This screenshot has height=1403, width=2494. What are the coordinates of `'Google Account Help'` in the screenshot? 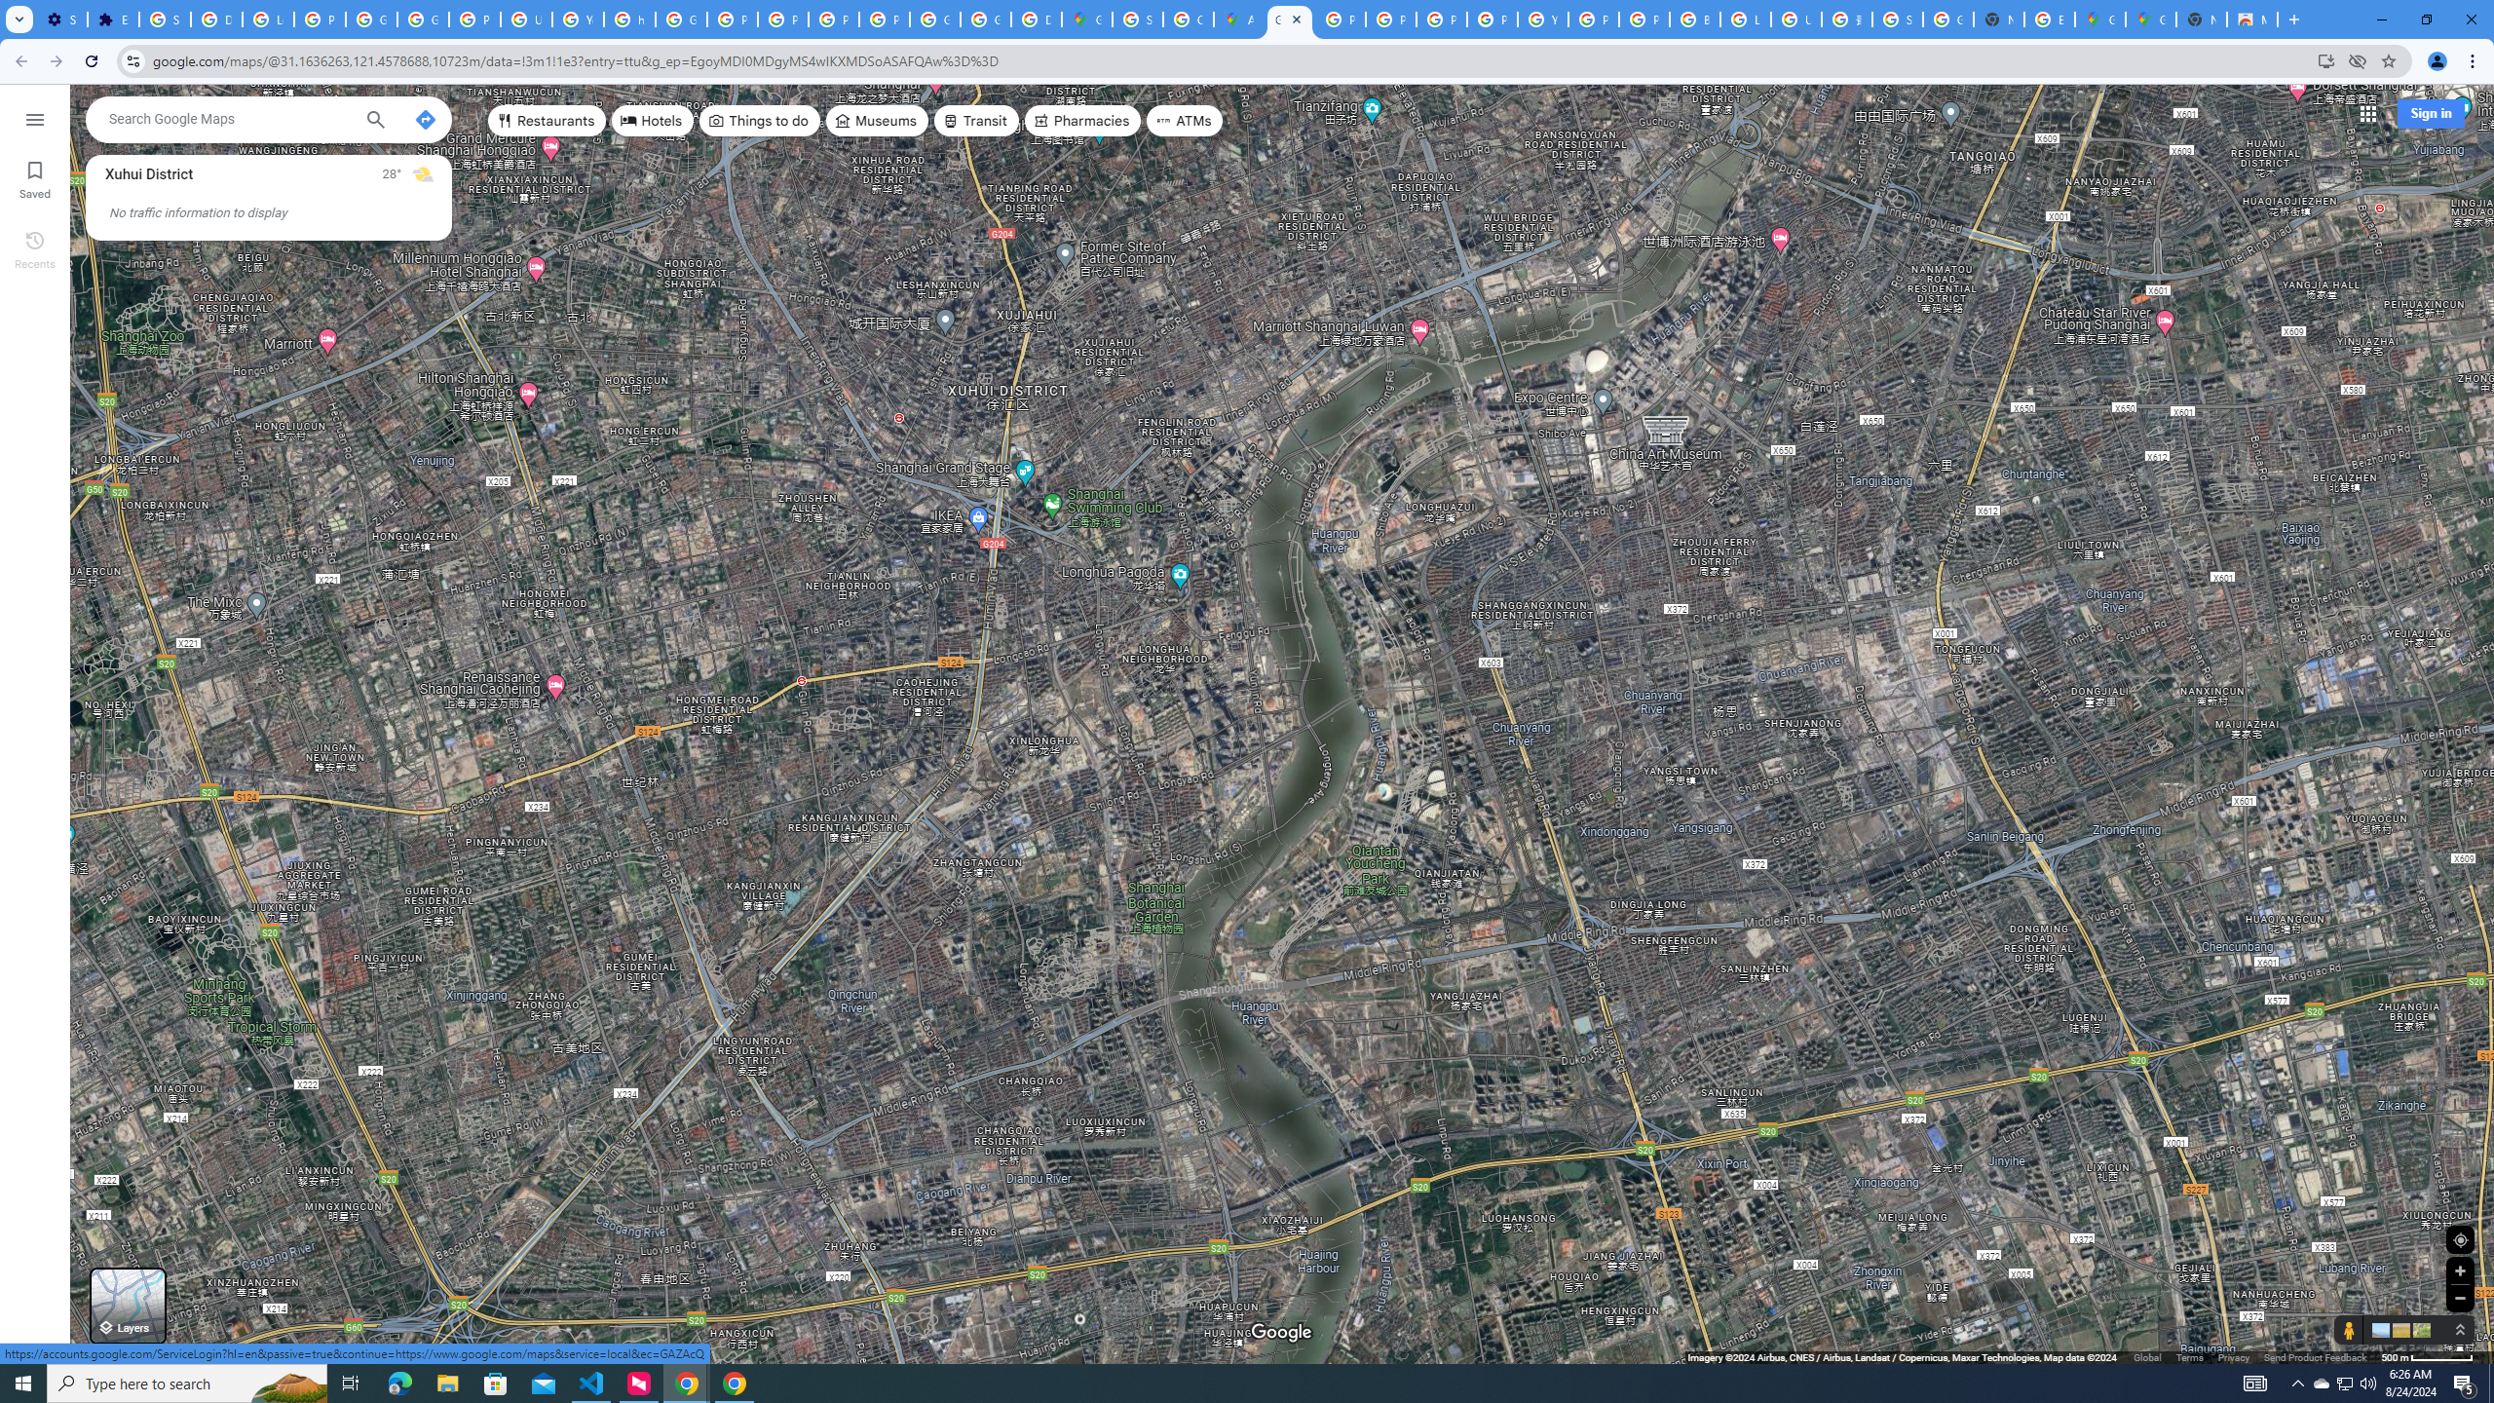 It's located at (424, 19).